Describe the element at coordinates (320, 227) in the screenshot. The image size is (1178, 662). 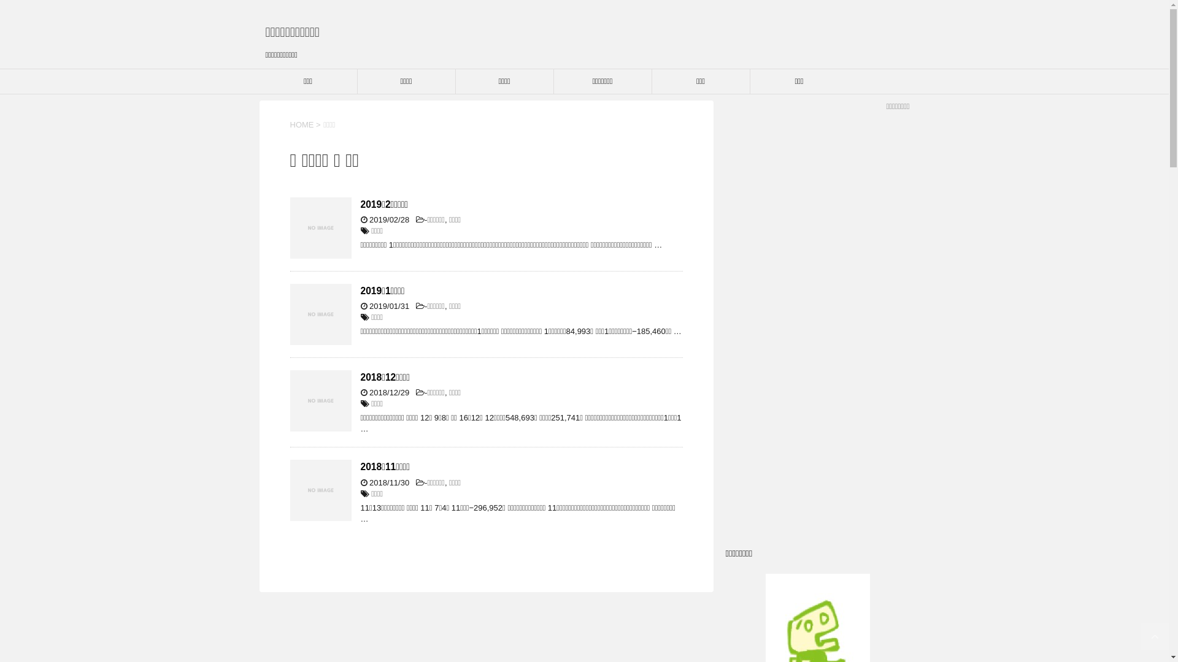
I see `'no image'` at that location.